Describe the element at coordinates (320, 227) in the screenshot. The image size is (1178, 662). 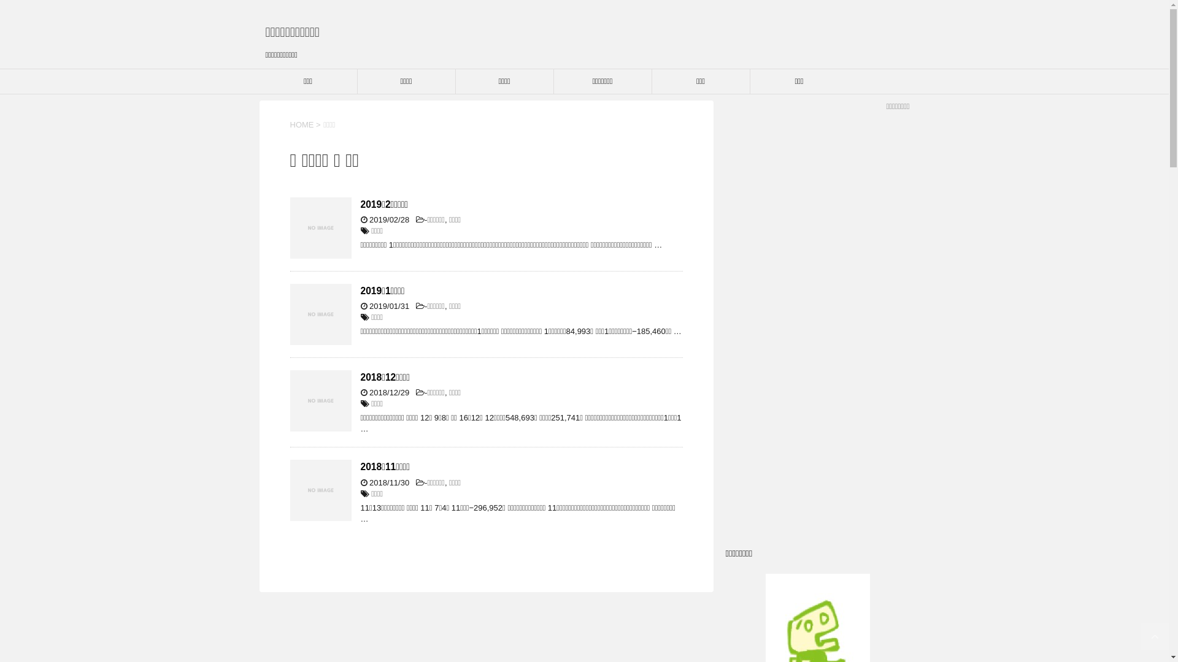
I see `'no image'` at that location.